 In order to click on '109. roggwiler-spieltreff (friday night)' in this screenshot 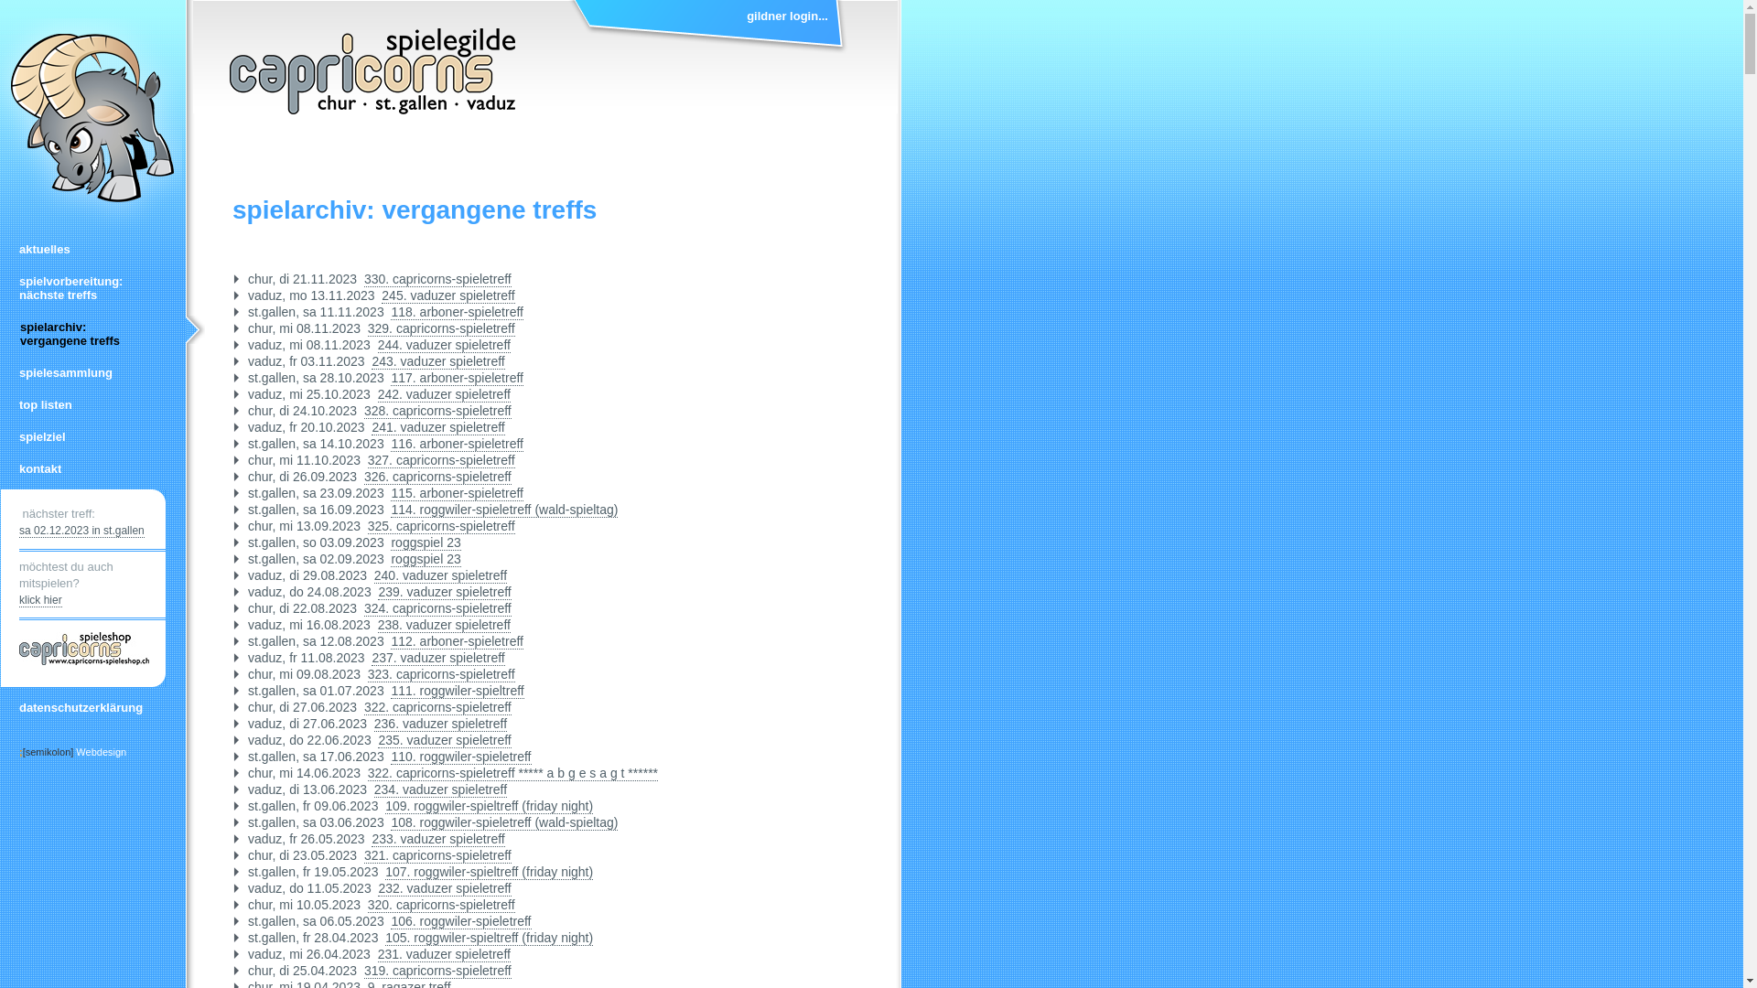, I will do `click(489, 805)`.